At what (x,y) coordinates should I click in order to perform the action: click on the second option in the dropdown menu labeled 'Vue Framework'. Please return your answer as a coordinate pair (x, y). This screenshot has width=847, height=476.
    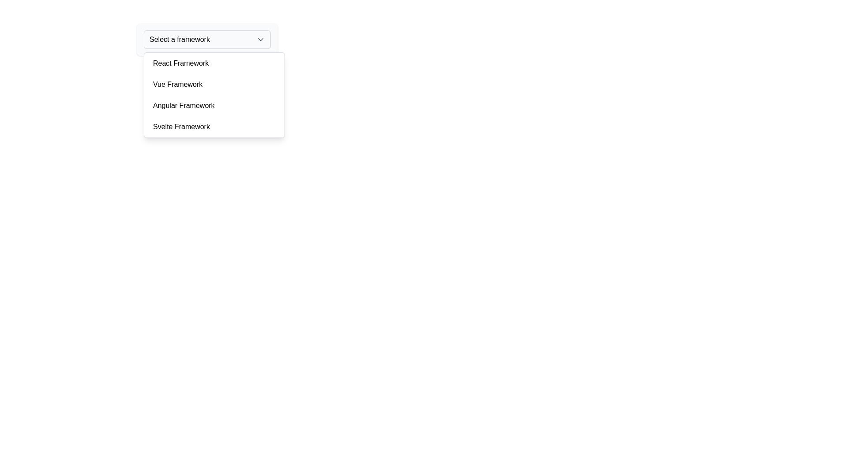
    Looking at the image, I should click on (214, 95).